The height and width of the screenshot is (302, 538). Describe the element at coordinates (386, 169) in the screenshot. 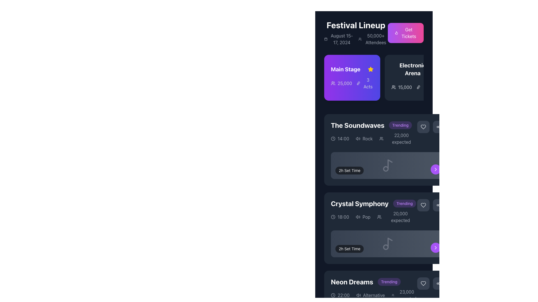

I see `the decorative SVG circle element of the music note icon, which is centrally aligned horizontally and positioned below the larger section of the note` at that location.